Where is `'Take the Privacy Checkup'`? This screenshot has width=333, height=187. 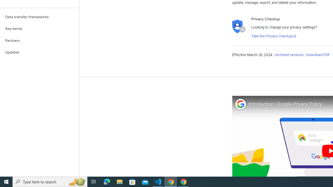
'Take the Privacy Checkup' is located at coordinates (274, 36).